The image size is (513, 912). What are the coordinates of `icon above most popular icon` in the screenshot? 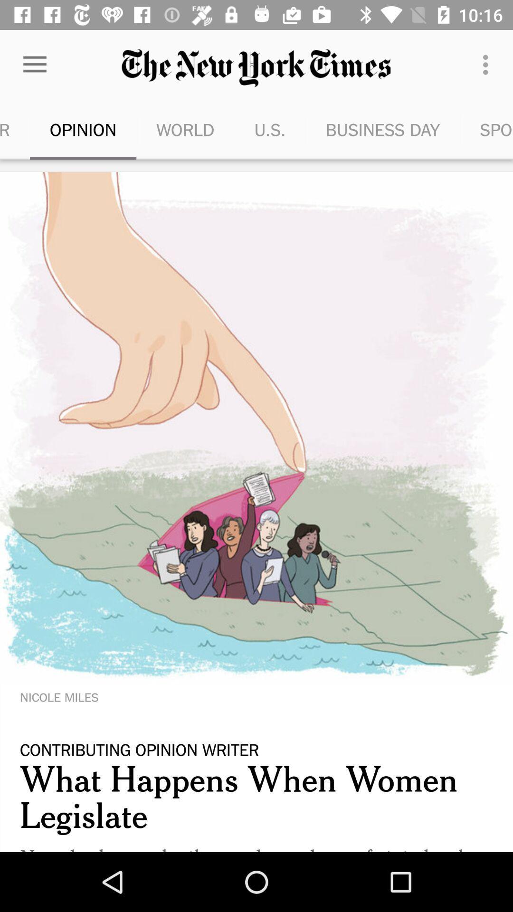 It's located at (34, 64).